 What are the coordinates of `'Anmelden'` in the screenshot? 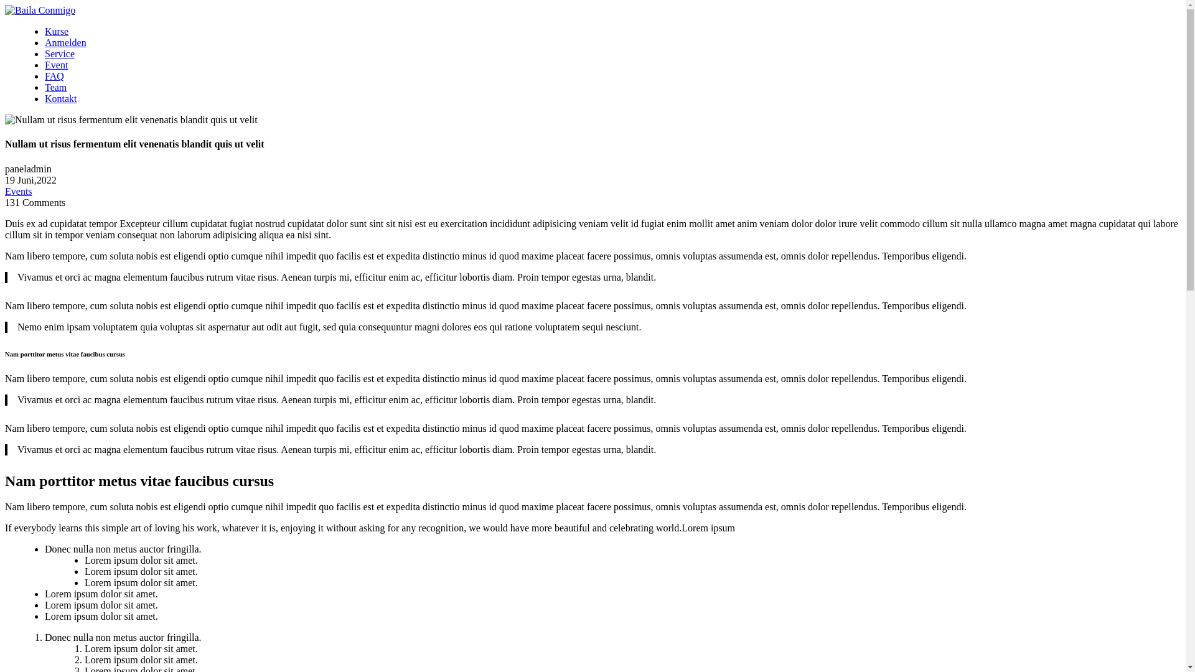 It's located at (65, 42).